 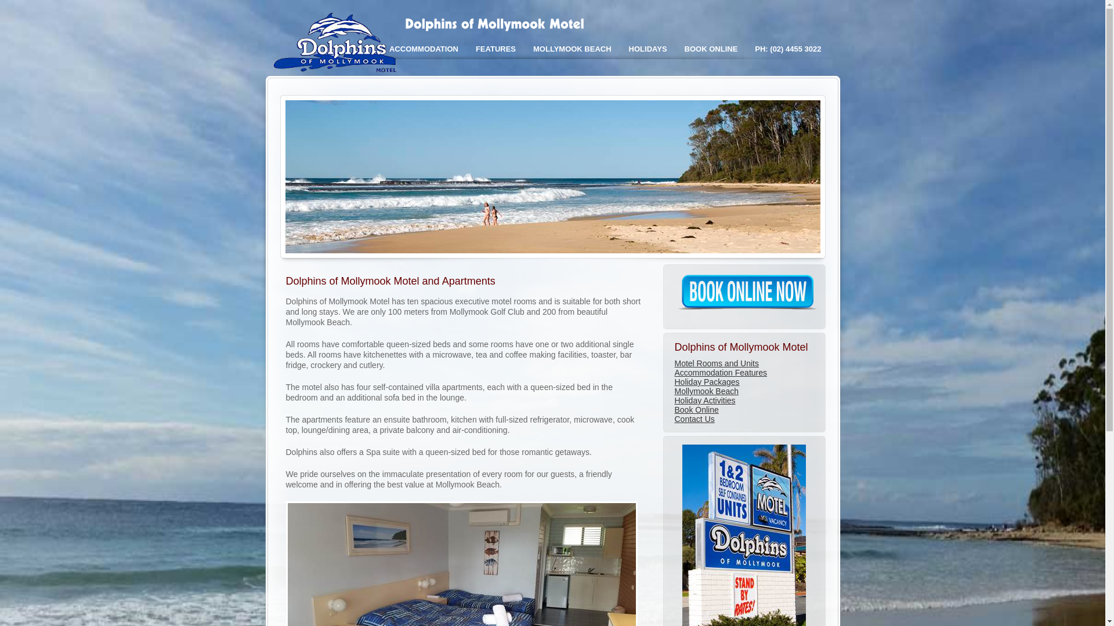 I want to click on 'Motel Rooms and Units', so click(x=715, y=363).